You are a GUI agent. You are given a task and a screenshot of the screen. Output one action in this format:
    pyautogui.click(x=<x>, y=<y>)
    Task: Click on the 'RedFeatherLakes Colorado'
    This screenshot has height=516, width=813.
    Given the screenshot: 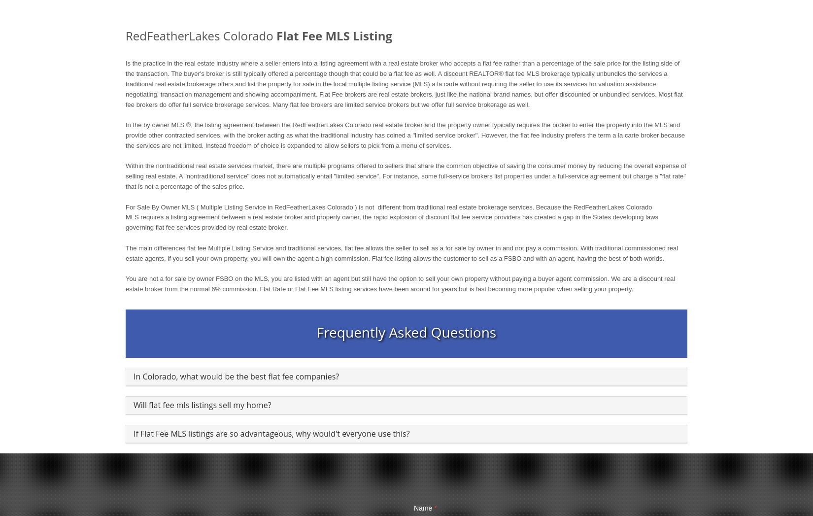 What is the action you would take?
    pyautogui.click(x=199, y=35)
    